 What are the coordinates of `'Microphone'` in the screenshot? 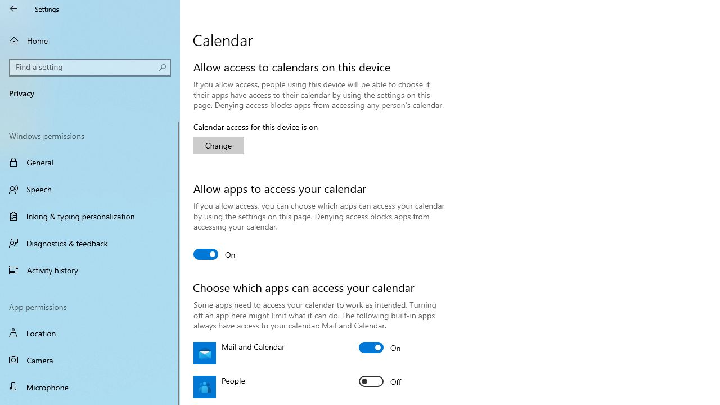 It's located at (90, 386).